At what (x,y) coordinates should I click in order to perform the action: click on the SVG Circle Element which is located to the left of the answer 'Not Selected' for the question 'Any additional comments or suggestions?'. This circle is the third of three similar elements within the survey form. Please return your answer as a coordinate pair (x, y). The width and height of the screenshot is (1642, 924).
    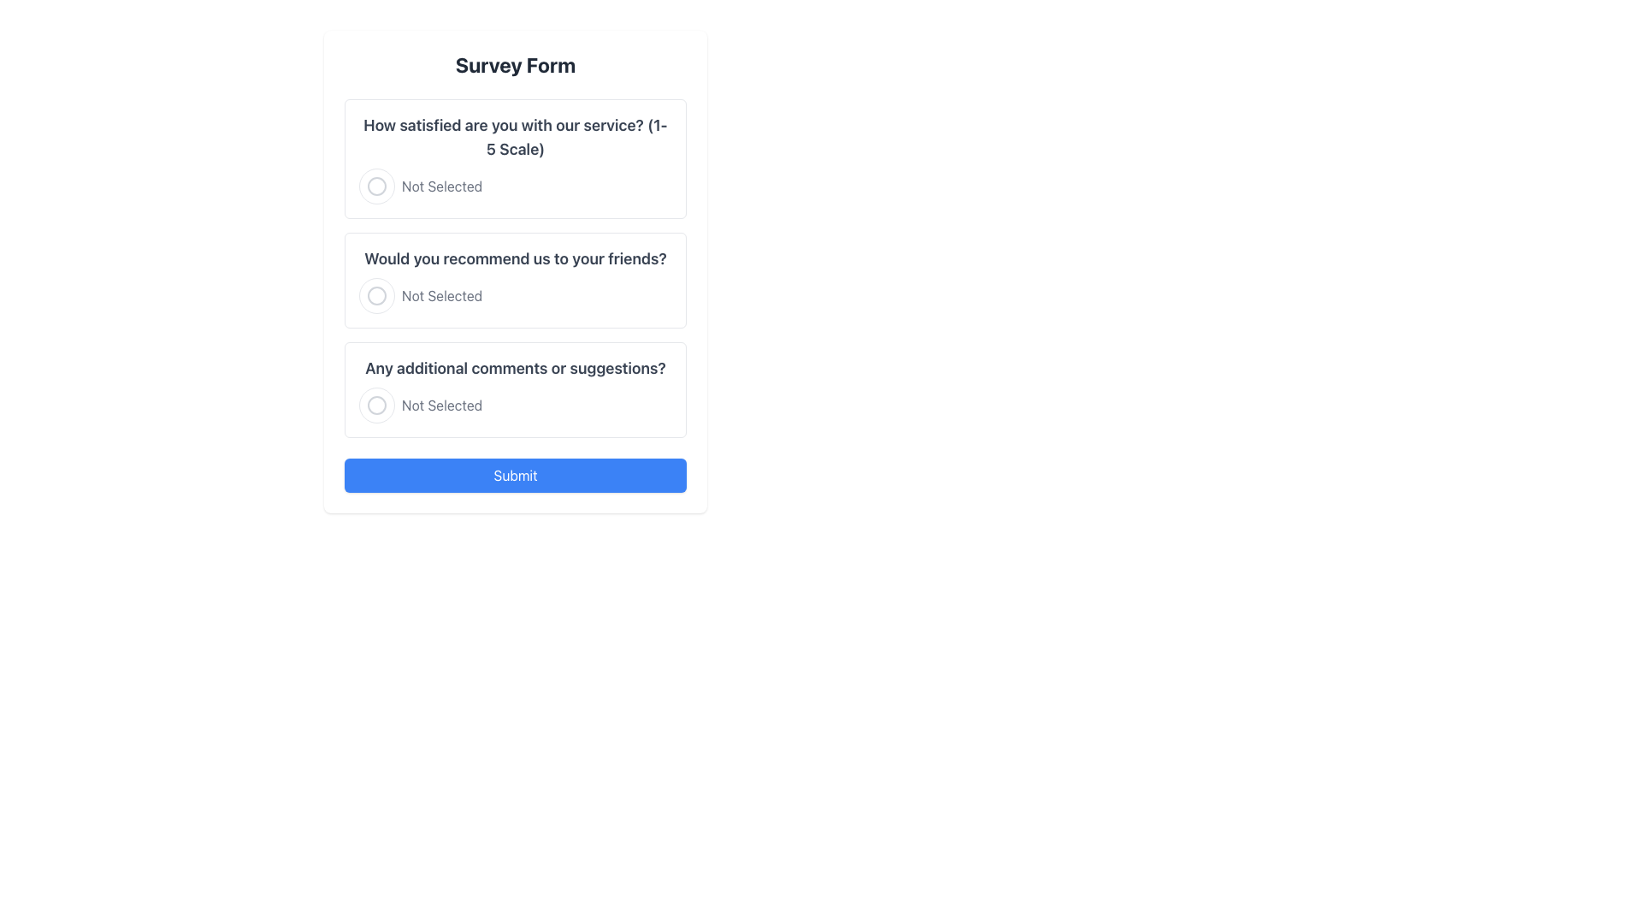
    Looking at the image, I should click on (376, 406).